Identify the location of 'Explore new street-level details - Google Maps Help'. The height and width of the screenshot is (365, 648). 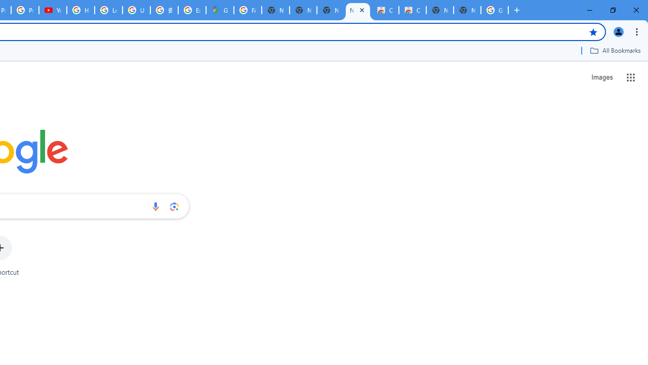
(192, 10).